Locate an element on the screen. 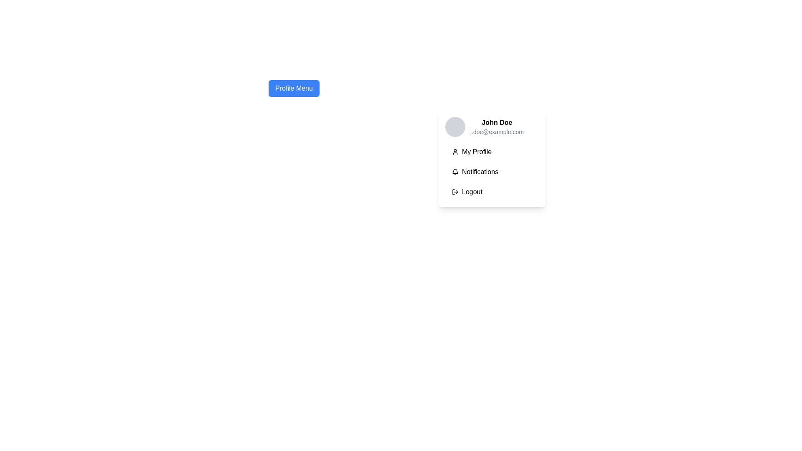 This screenshot has height=451, width=802. the email address label located directly below the name 'John Doe' in the profile menu, which serves as a static display of the user's email address is located at coordinates (497, 132).